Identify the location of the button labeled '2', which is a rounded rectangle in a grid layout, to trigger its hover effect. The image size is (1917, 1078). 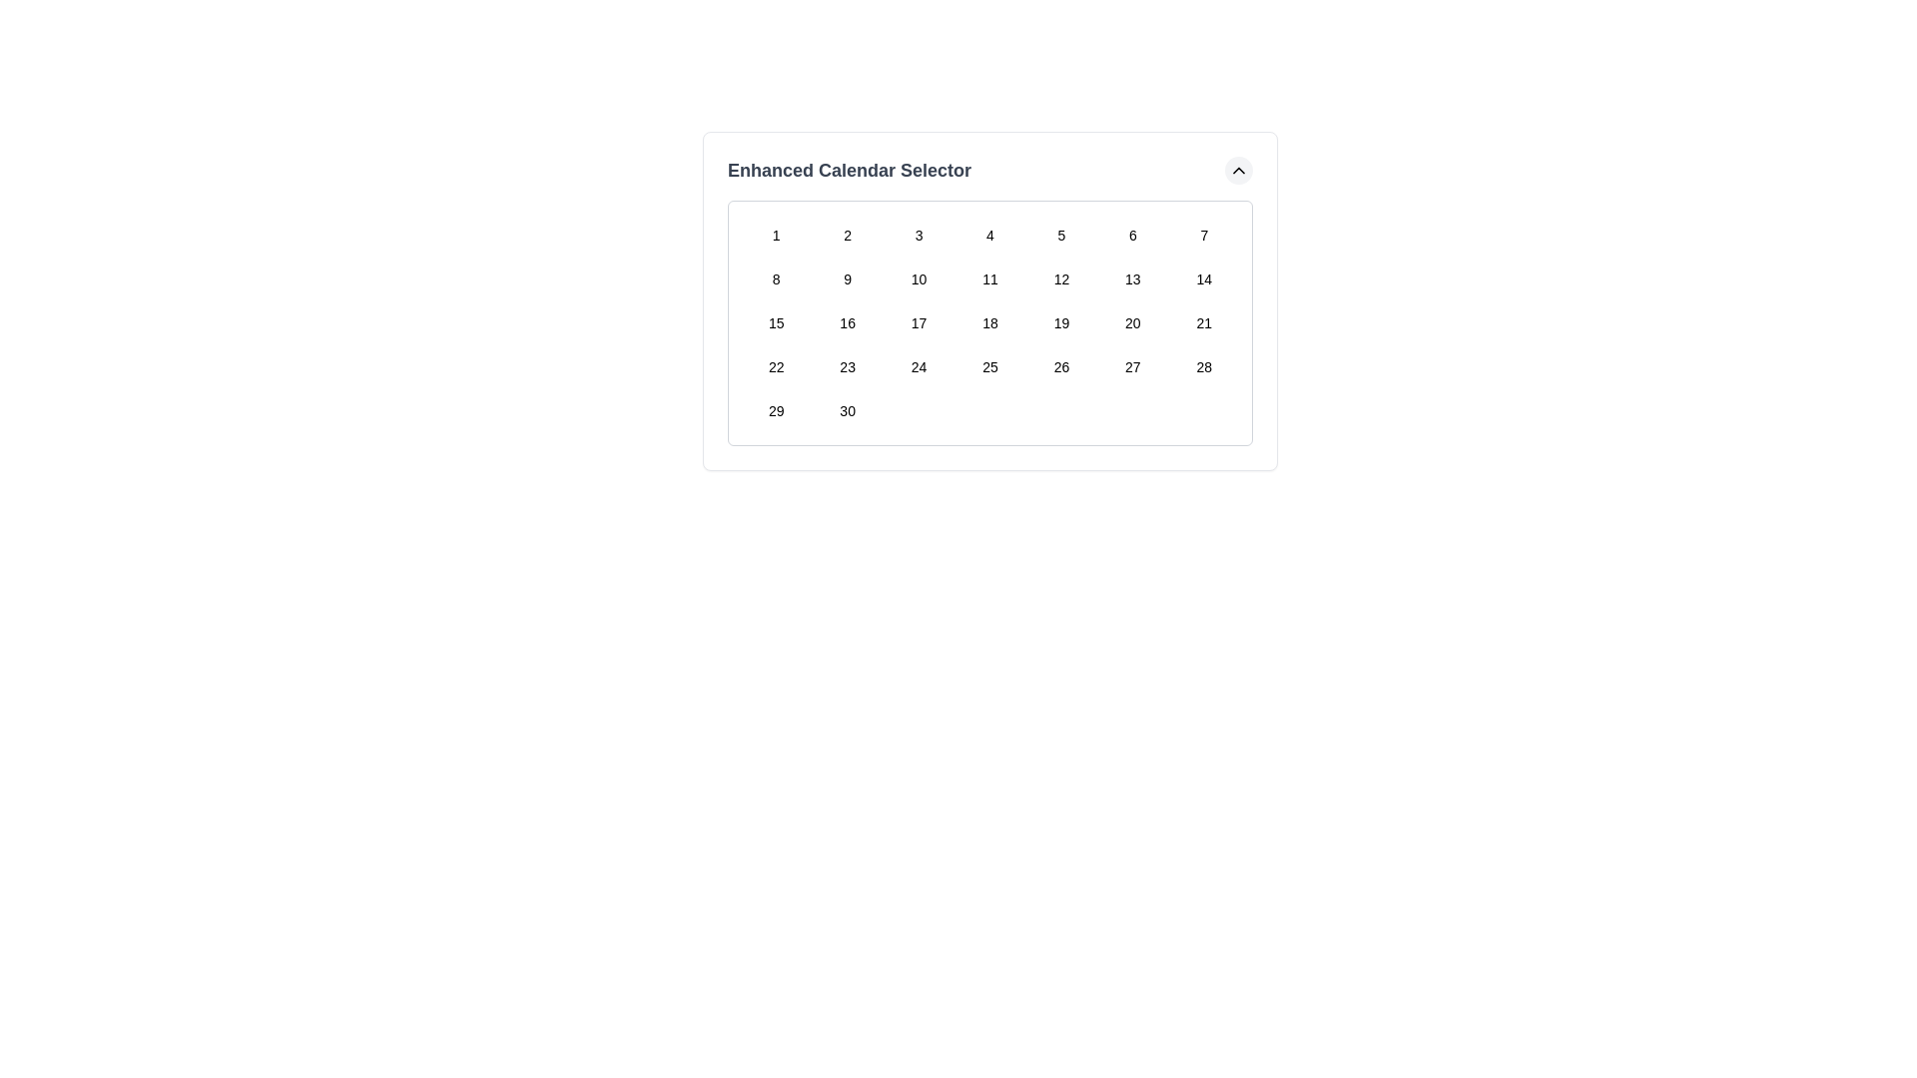
(848, 234).